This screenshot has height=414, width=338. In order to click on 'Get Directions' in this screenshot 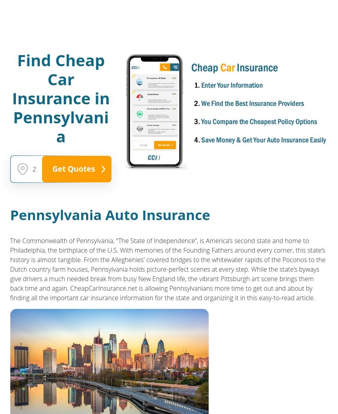, I will do `click(30, 345)`.